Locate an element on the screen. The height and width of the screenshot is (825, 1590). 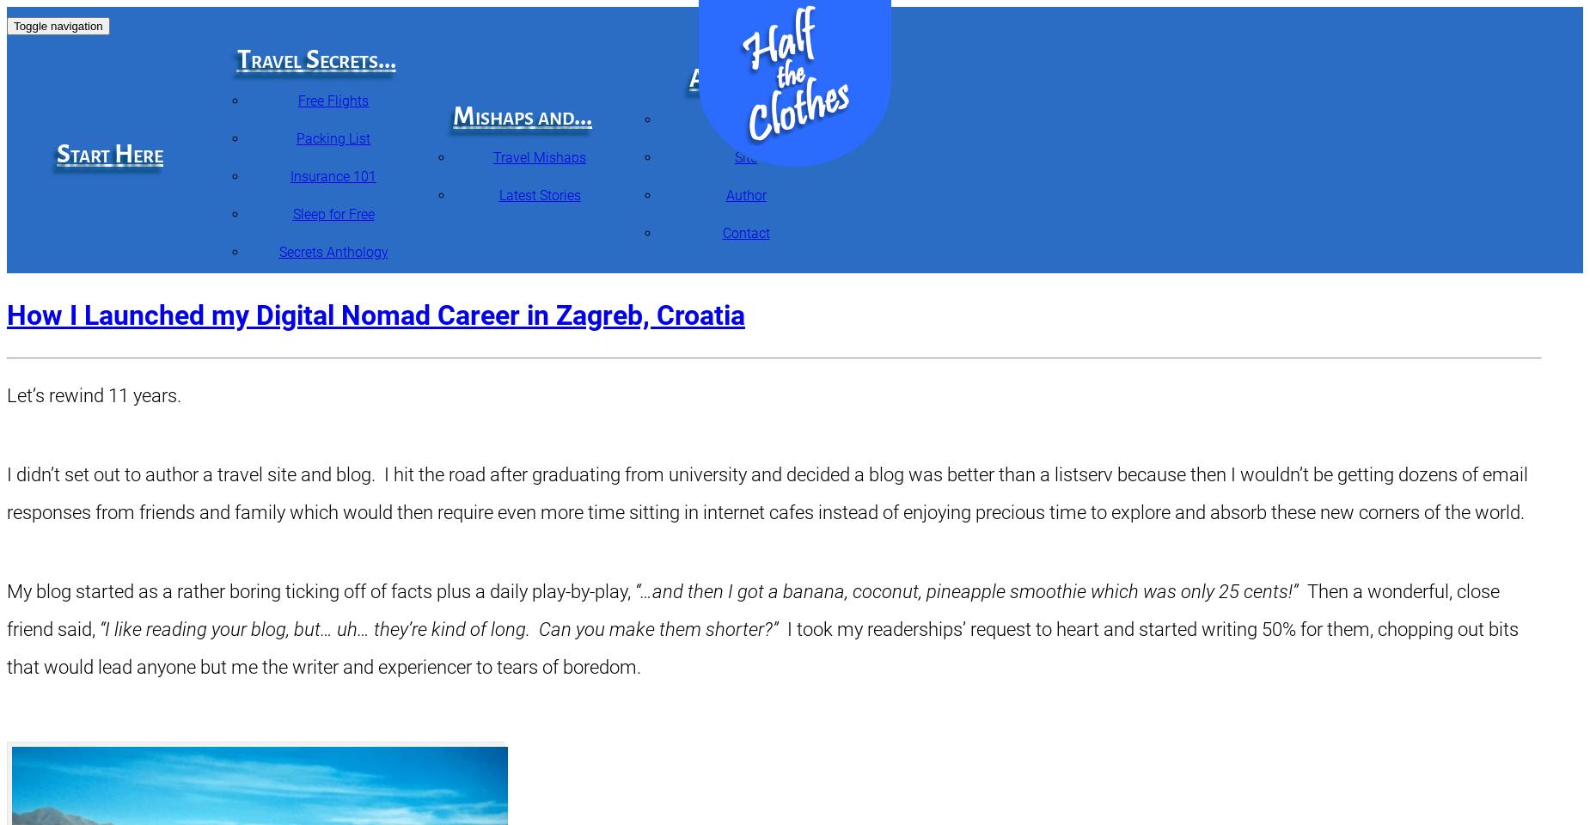
'My blog started as a rather boring ticking off of facts plus a daily play-by-play,' is located at coordinates (5, 591).